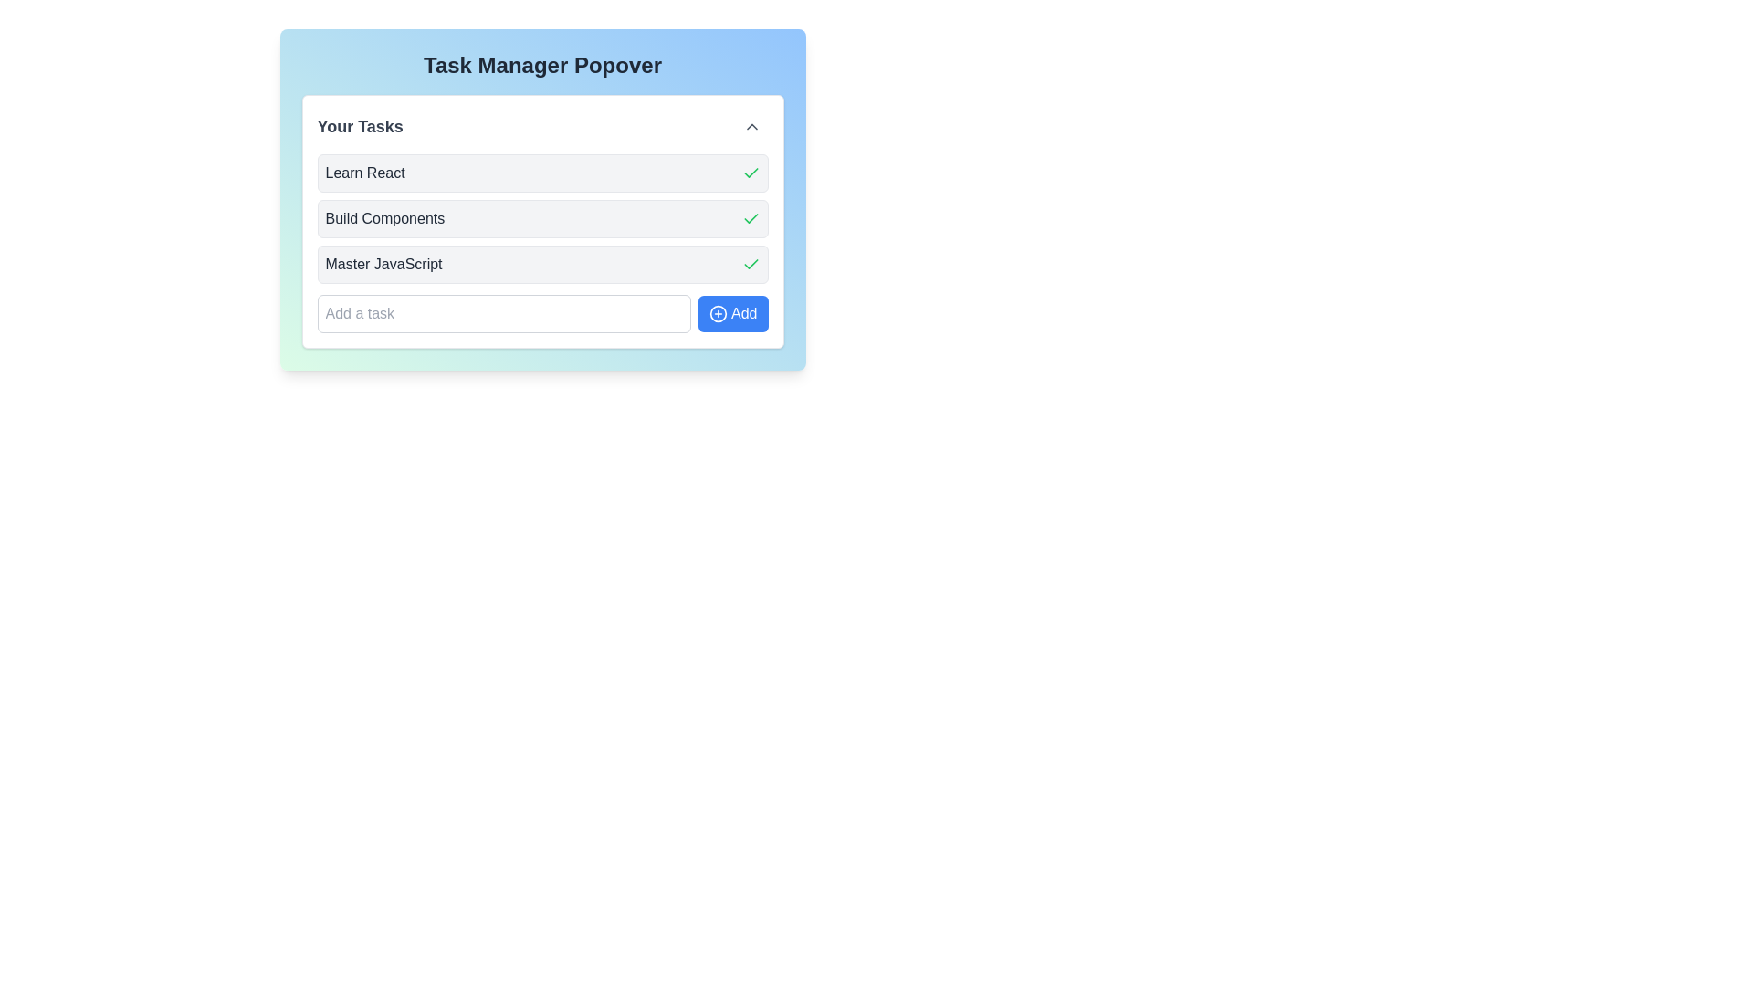 The height and width of the screenshot is (986, 1753). Describe the element at coordinates (541, 221) in the screenshot. I see `the second list item containing the task 'Build Components'` at that location.